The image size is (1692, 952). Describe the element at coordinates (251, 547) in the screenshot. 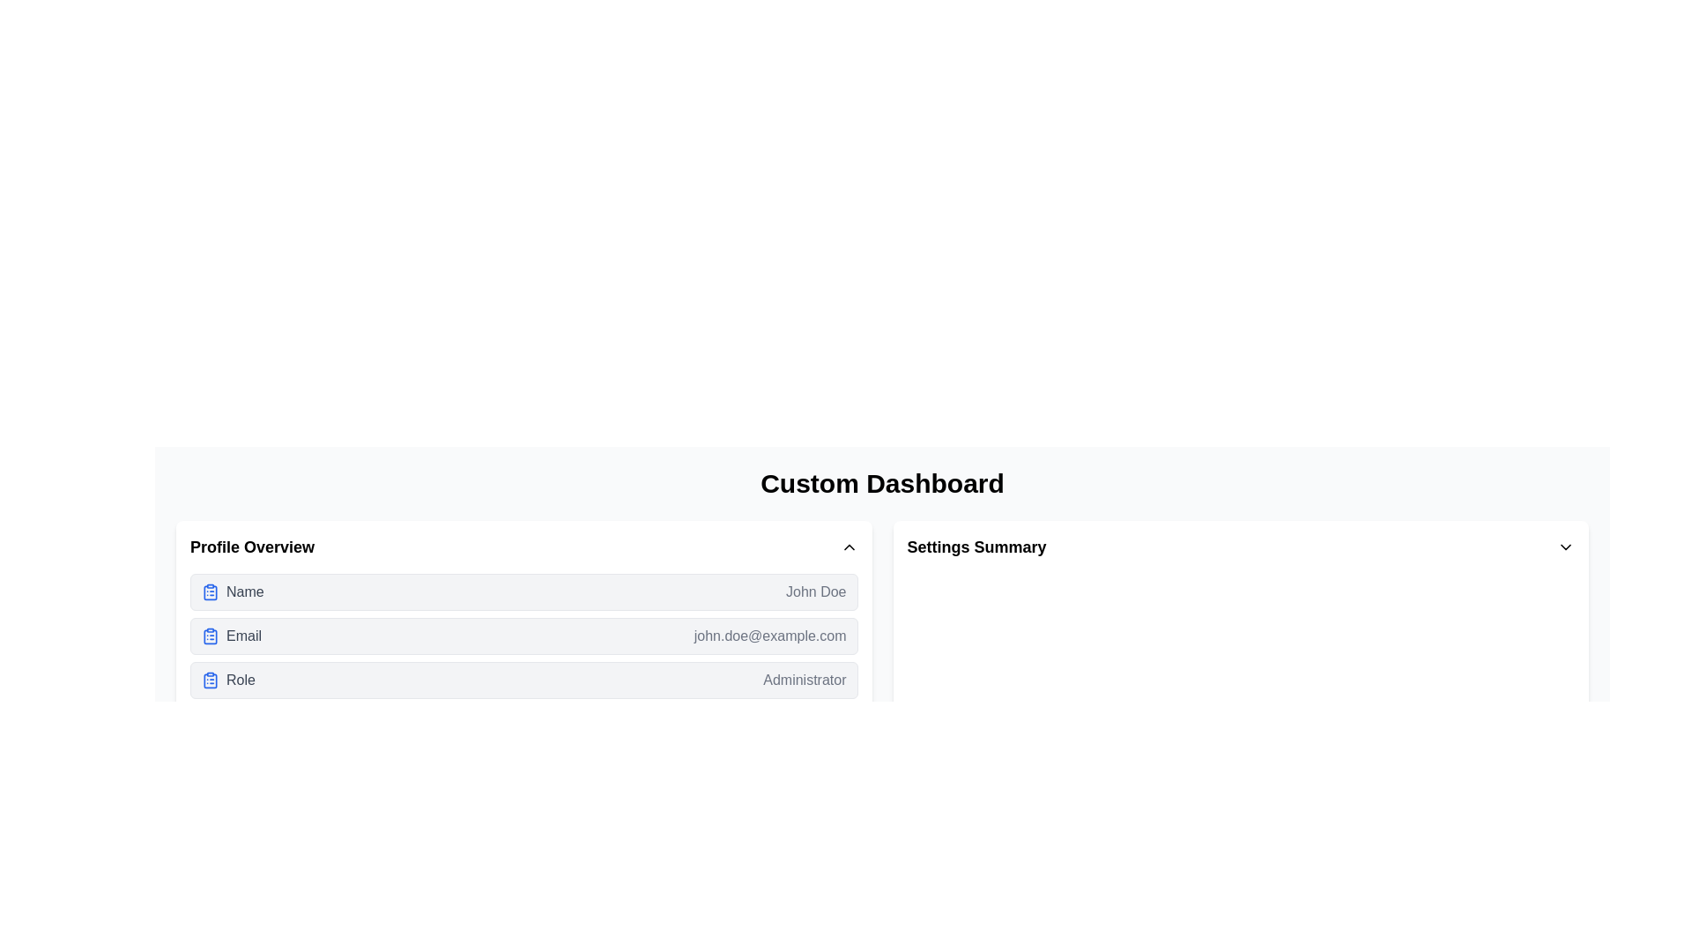

I see `the text label that serves as the title for the profile information section, providing context to the details below such as Name, Email, and Role` at that location.